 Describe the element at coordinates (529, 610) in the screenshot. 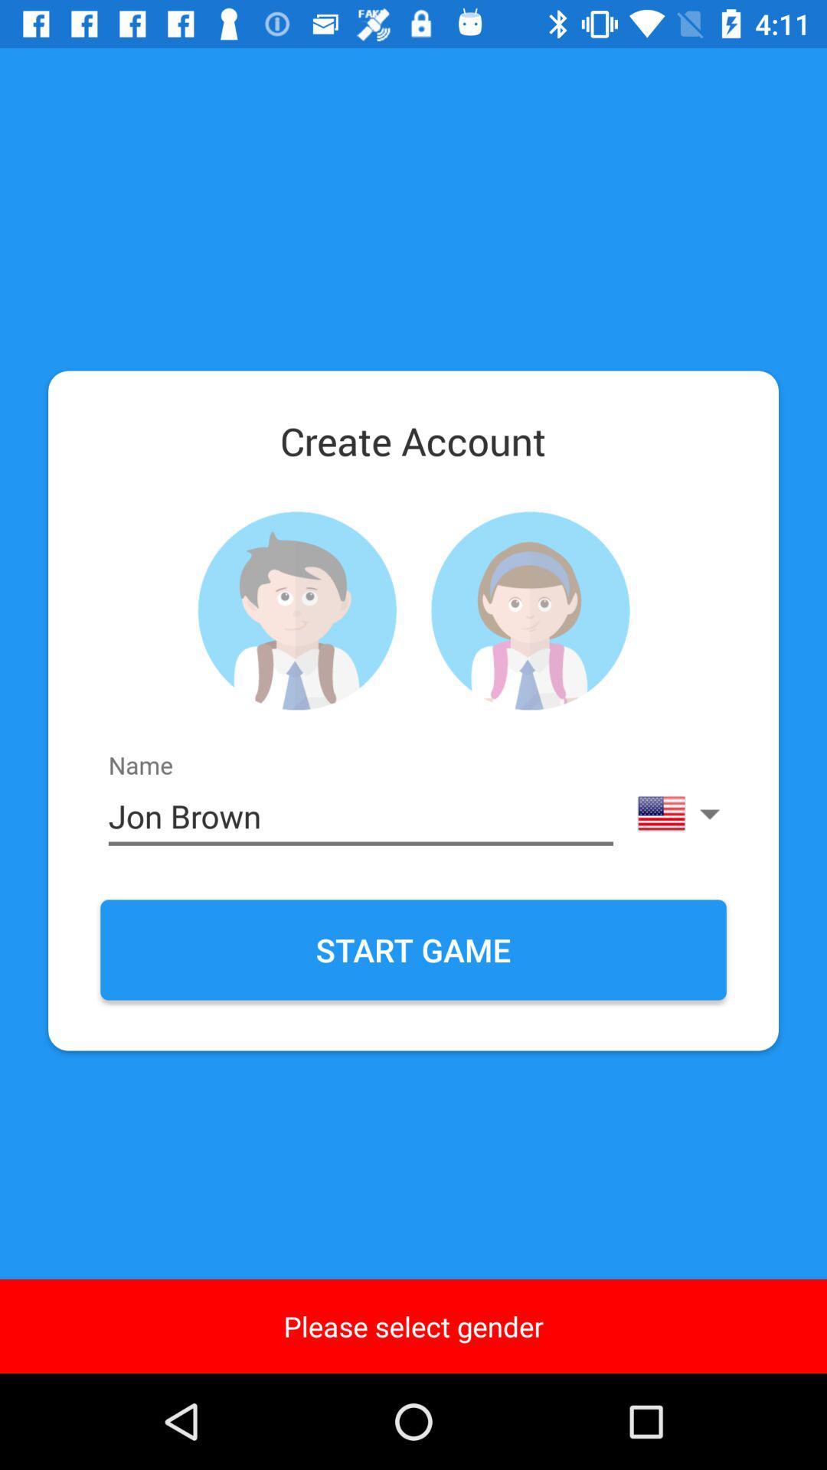

I see `contaket` at that location.